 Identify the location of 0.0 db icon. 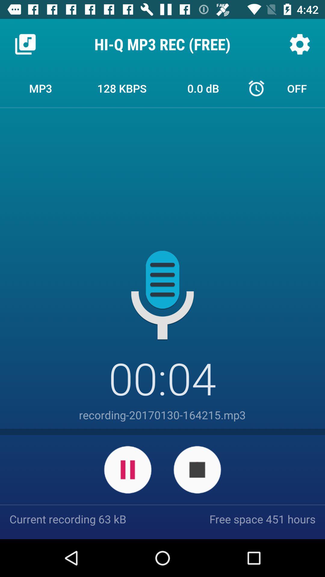
(203, 88).